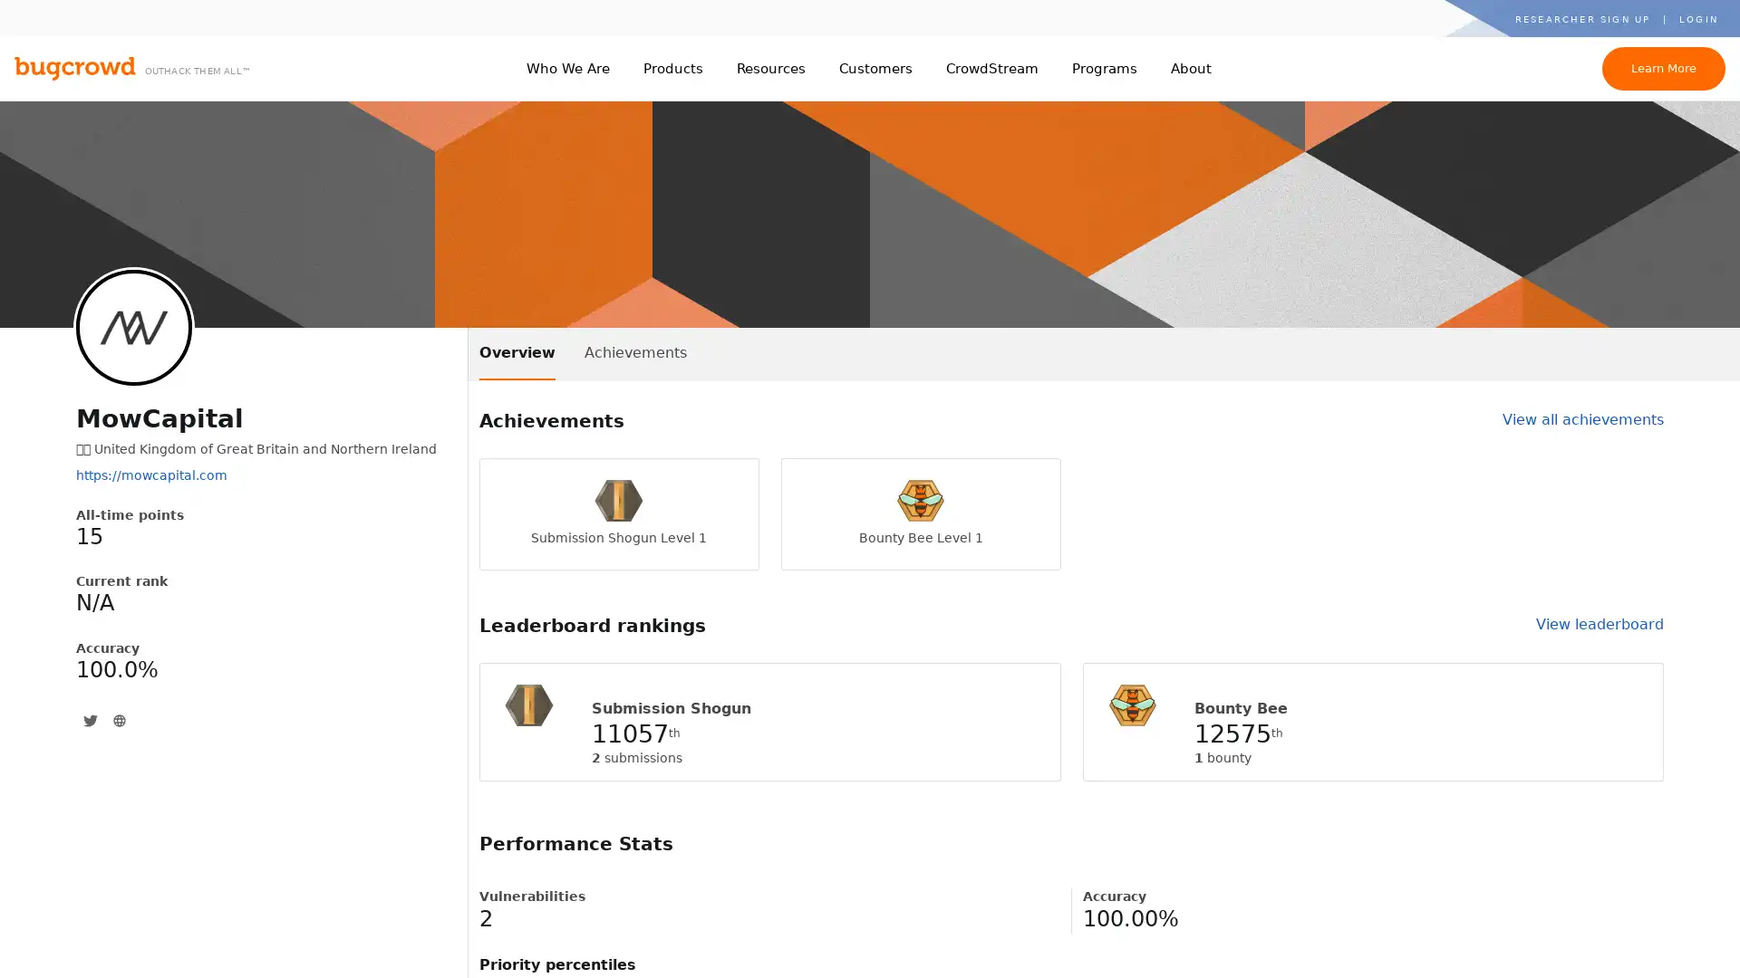 This screenshot has width=1740, height=978. What do you see at coordinates (920, 513) in the screenshot?
I see `Bounty Bee Level 1 Bounty Bee Level 1` at bounding box center [920, 513].